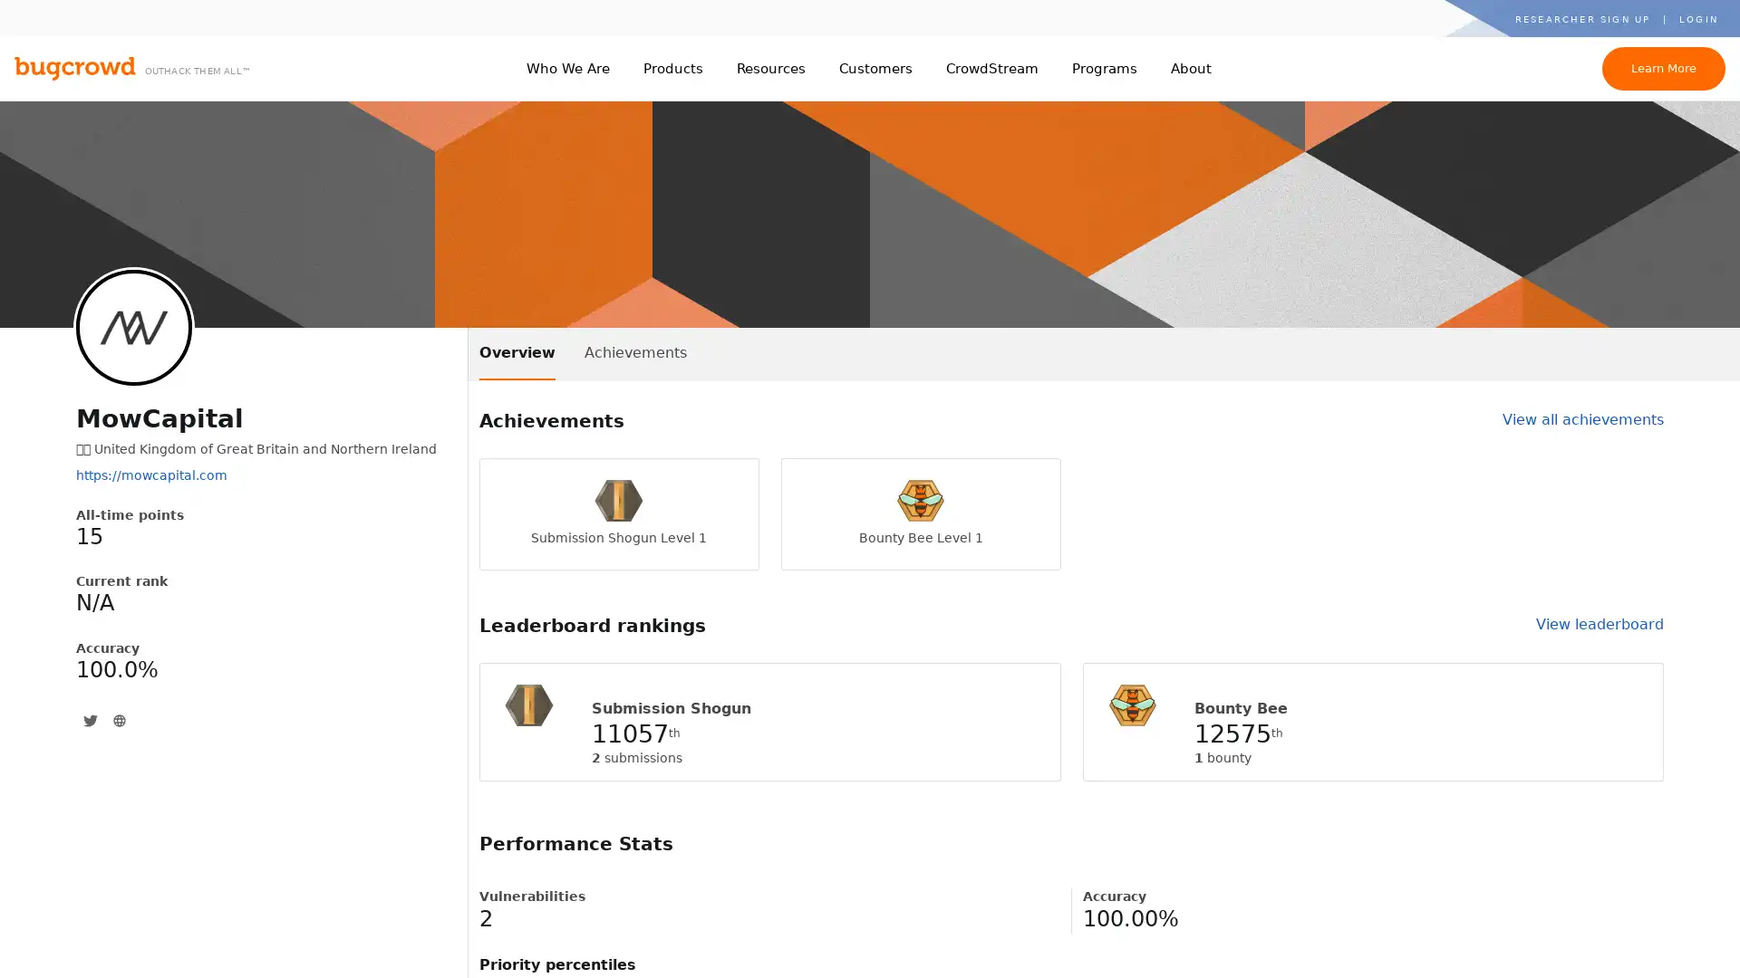 This screenshot has width=1740, height=978. What do you see at coordinates (920, 513) in the screenshot?
I see `Bounty Bee Level 1 Bounty Bee Level 1` at bounding box center [920, 513].